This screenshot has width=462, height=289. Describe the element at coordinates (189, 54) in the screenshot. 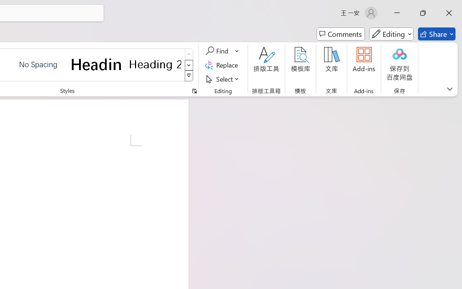

I see `'Row up'` at that location.